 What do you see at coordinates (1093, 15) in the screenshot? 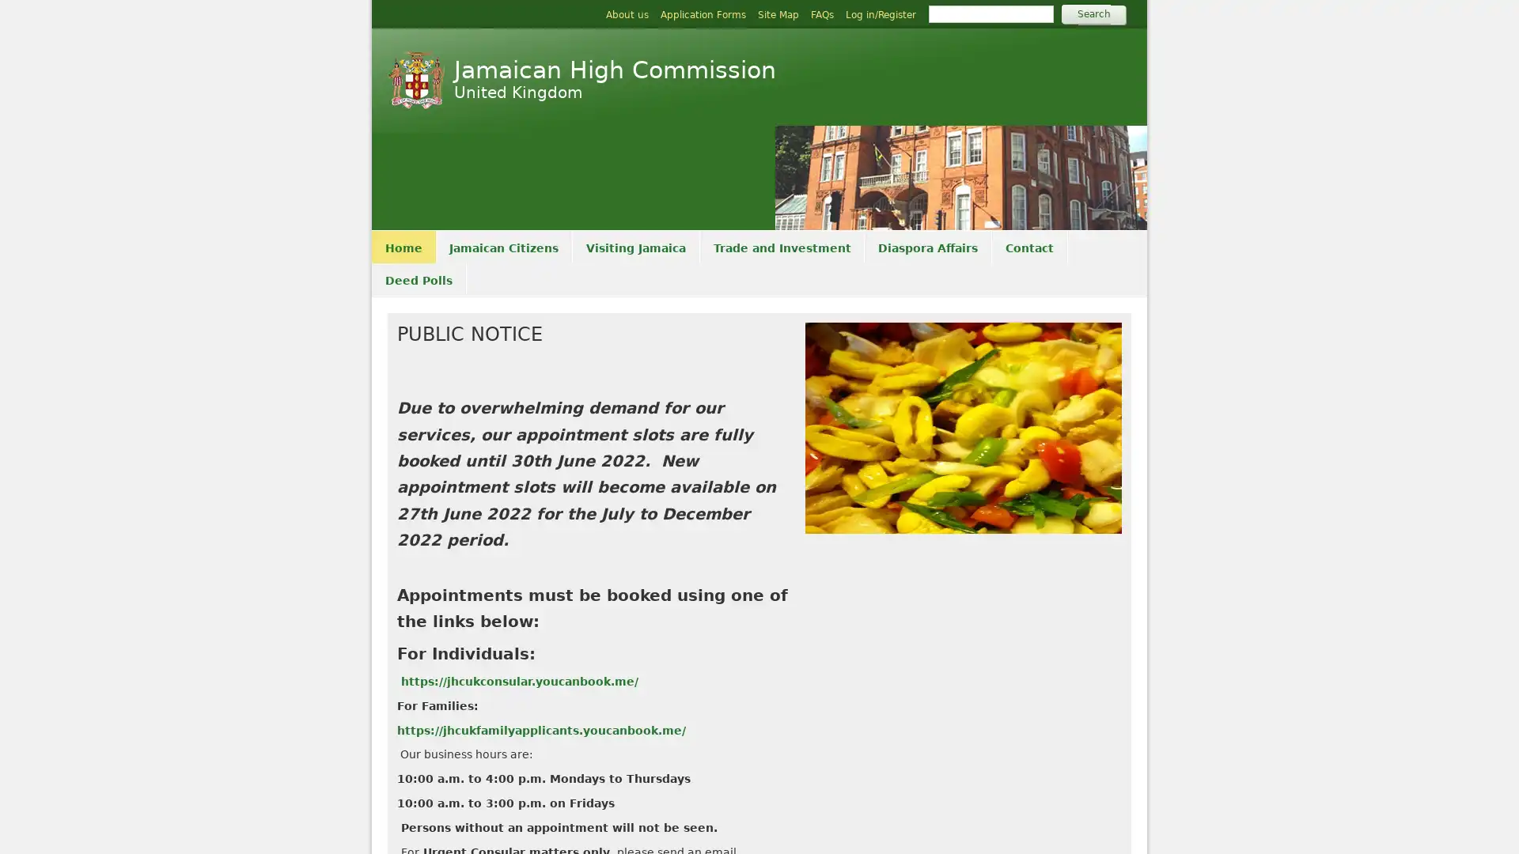
I see `Search` at bounding box center [1093, 15].